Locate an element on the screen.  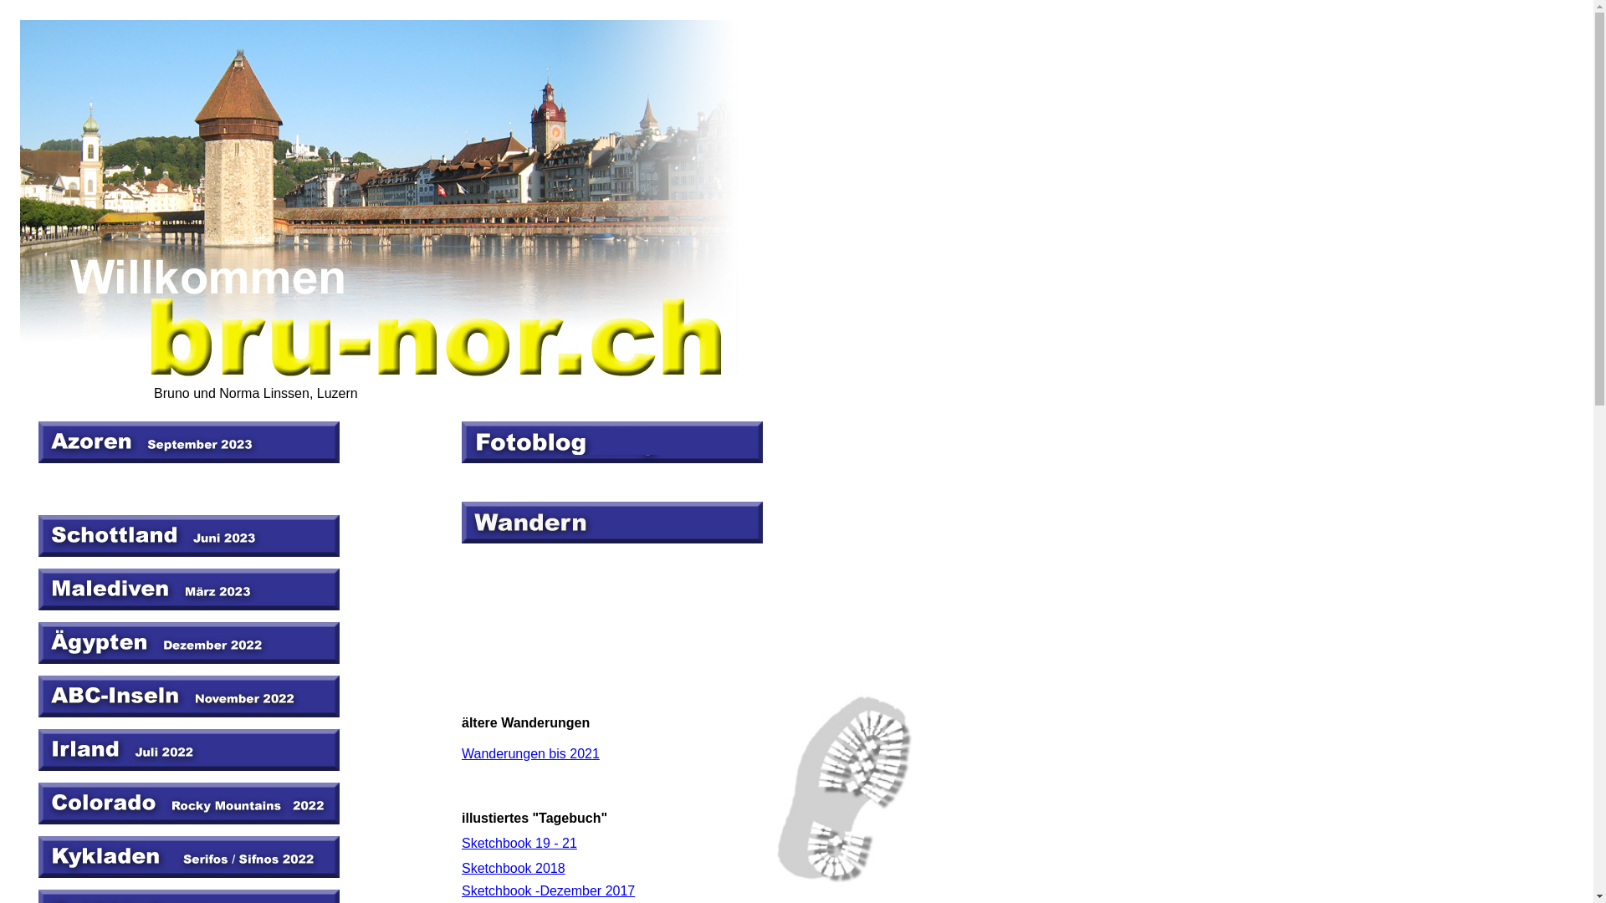
'Sketchbook -Dezember 2017' is located at coordinates (548, 890).